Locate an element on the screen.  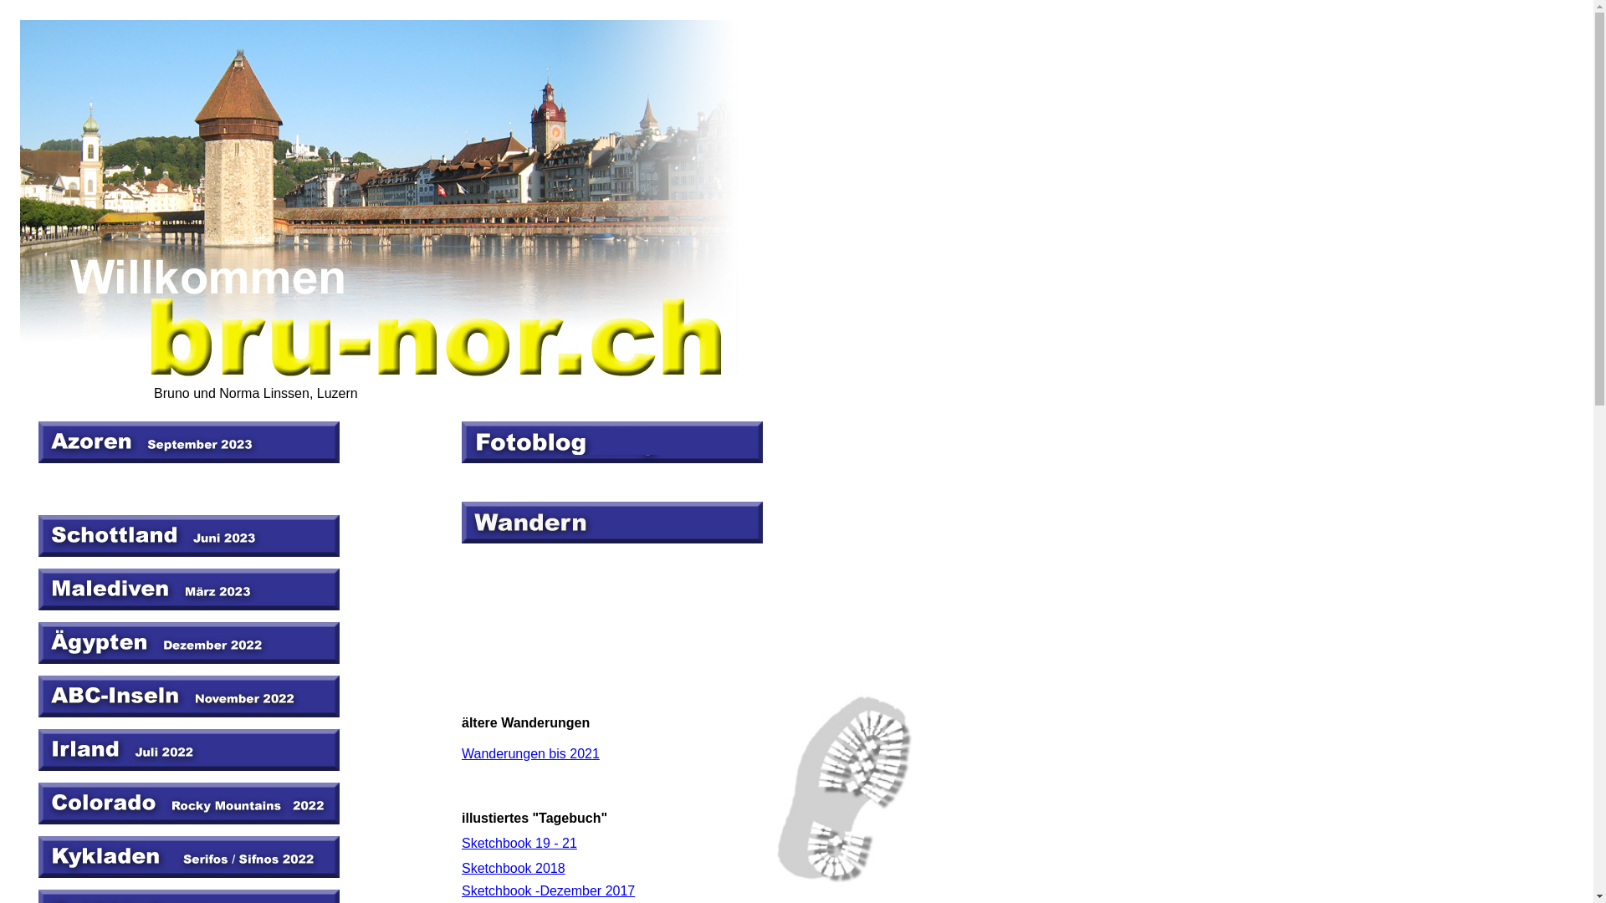
'Sketchbook -Dezember 2017' is located at coordinates (548, 890).